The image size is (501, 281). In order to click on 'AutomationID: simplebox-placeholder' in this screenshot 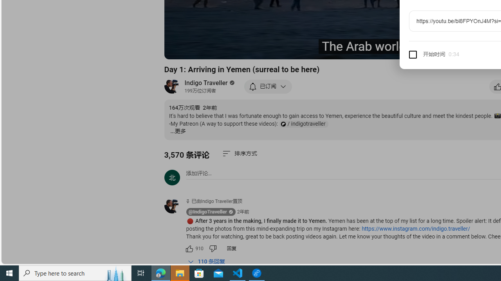, I will do `click(199, 173)`.